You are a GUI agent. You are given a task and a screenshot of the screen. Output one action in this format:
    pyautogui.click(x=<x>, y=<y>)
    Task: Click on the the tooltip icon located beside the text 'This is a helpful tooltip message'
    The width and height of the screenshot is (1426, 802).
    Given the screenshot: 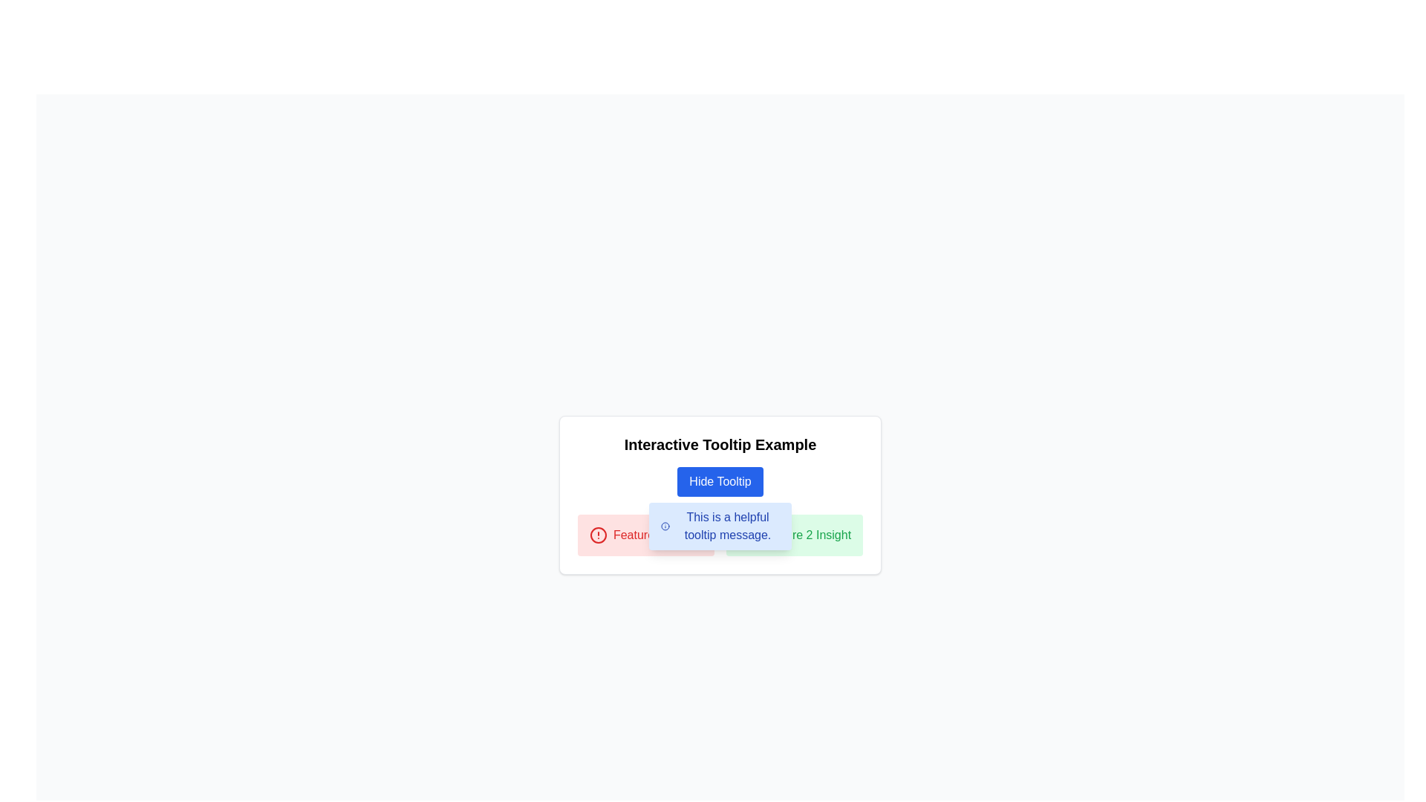 What is the action you would take?
    pyautogui.click(x=747, y=535)
    